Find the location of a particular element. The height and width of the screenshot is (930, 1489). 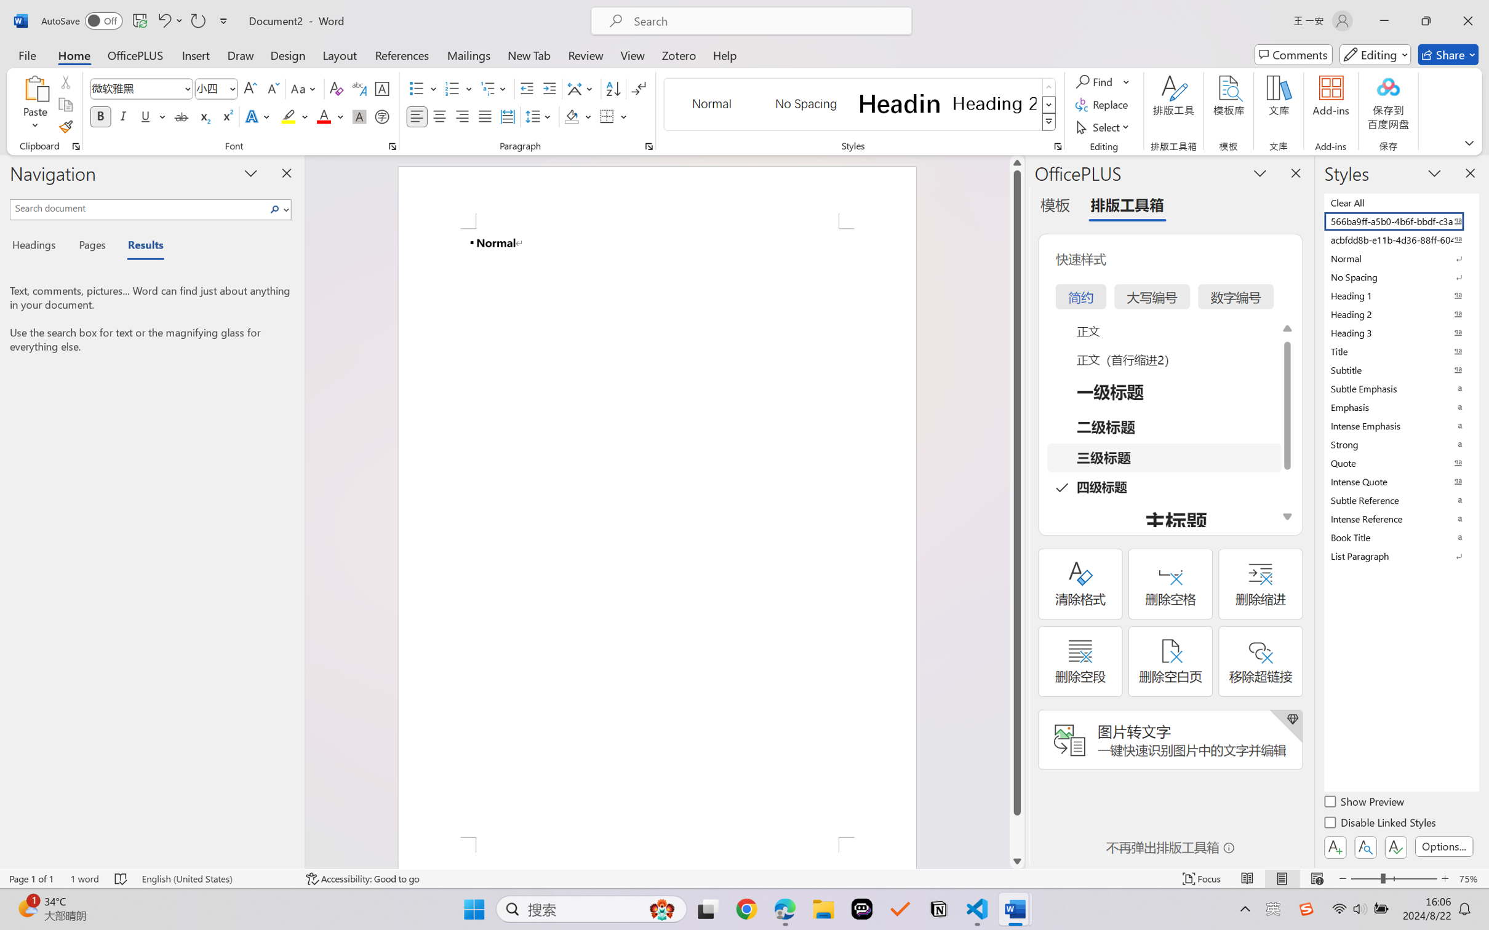

'Italic' is located at coordinates (122, 116).